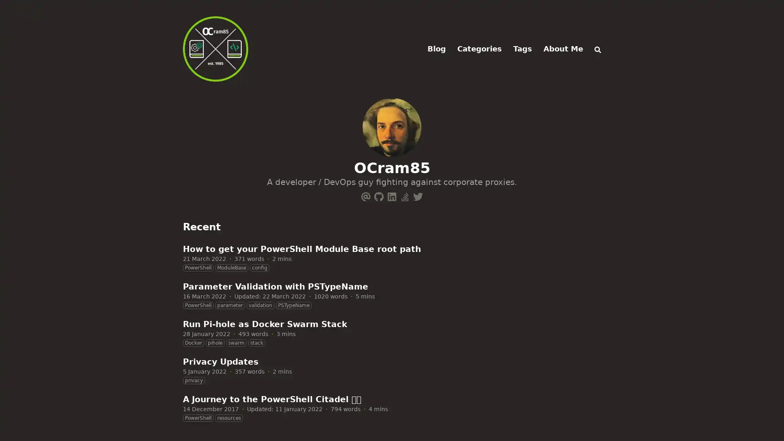 Image resolution: width=784 pixels, height=441 pixels. I want to click on Search (/), so click(598, 49).